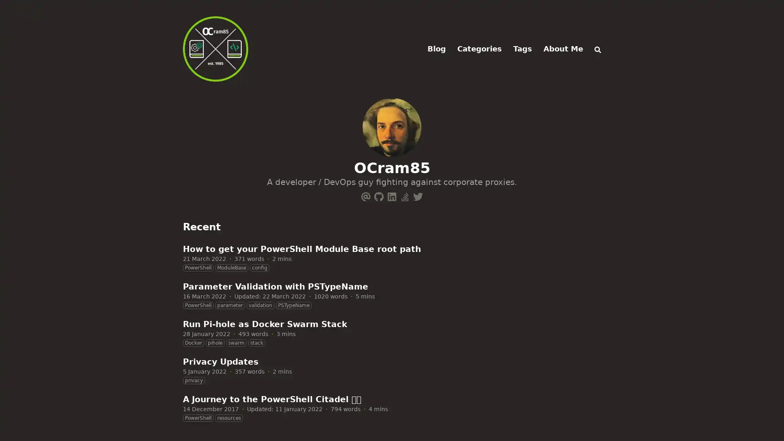 Image resolution: width=784 pixels, height=441 pixels. I want to click on Search (/), so click(598, 49).